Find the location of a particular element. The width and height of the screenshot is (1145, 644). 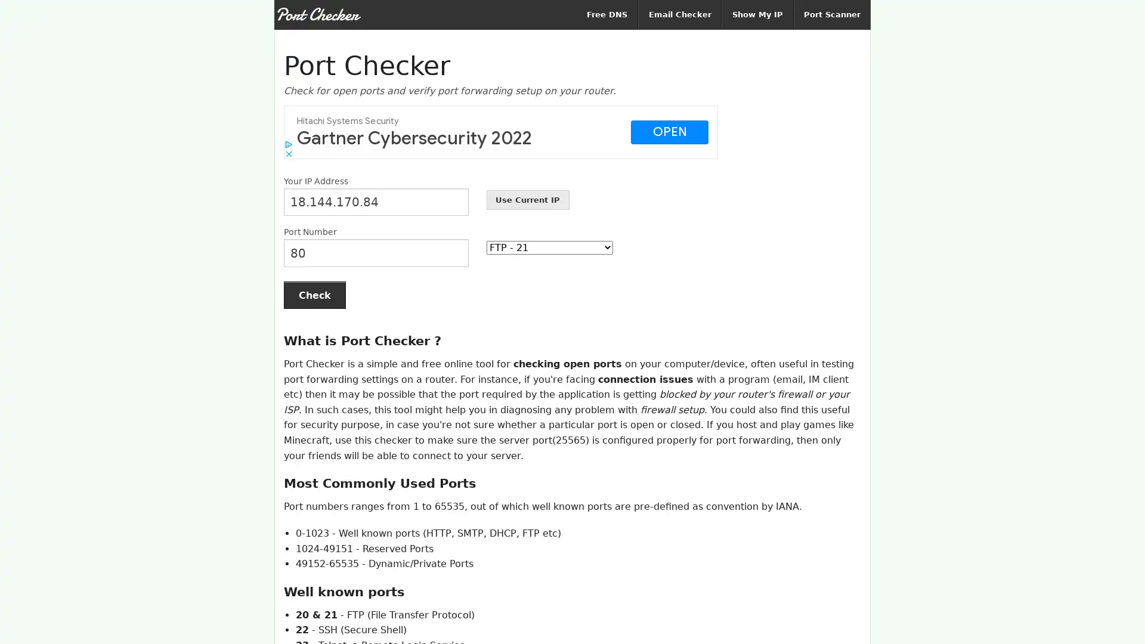

Check is located at coordinates (315, 295).